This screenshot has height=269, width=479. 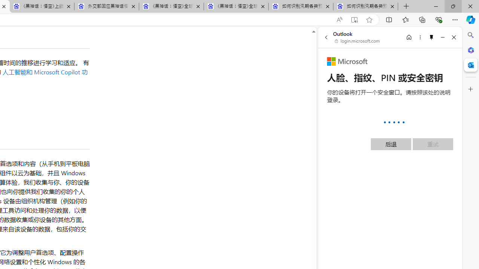 I want to click on 'login.microsoft.com', so click(x=357, y=41).